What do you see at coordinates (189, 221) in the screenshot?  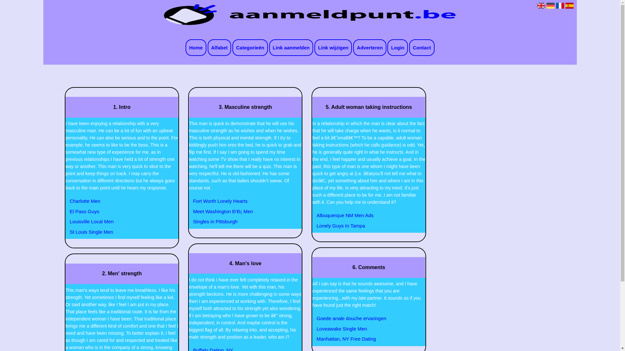 I see `'Singles in Pittsburgh'` at bounding box center [189, 221].